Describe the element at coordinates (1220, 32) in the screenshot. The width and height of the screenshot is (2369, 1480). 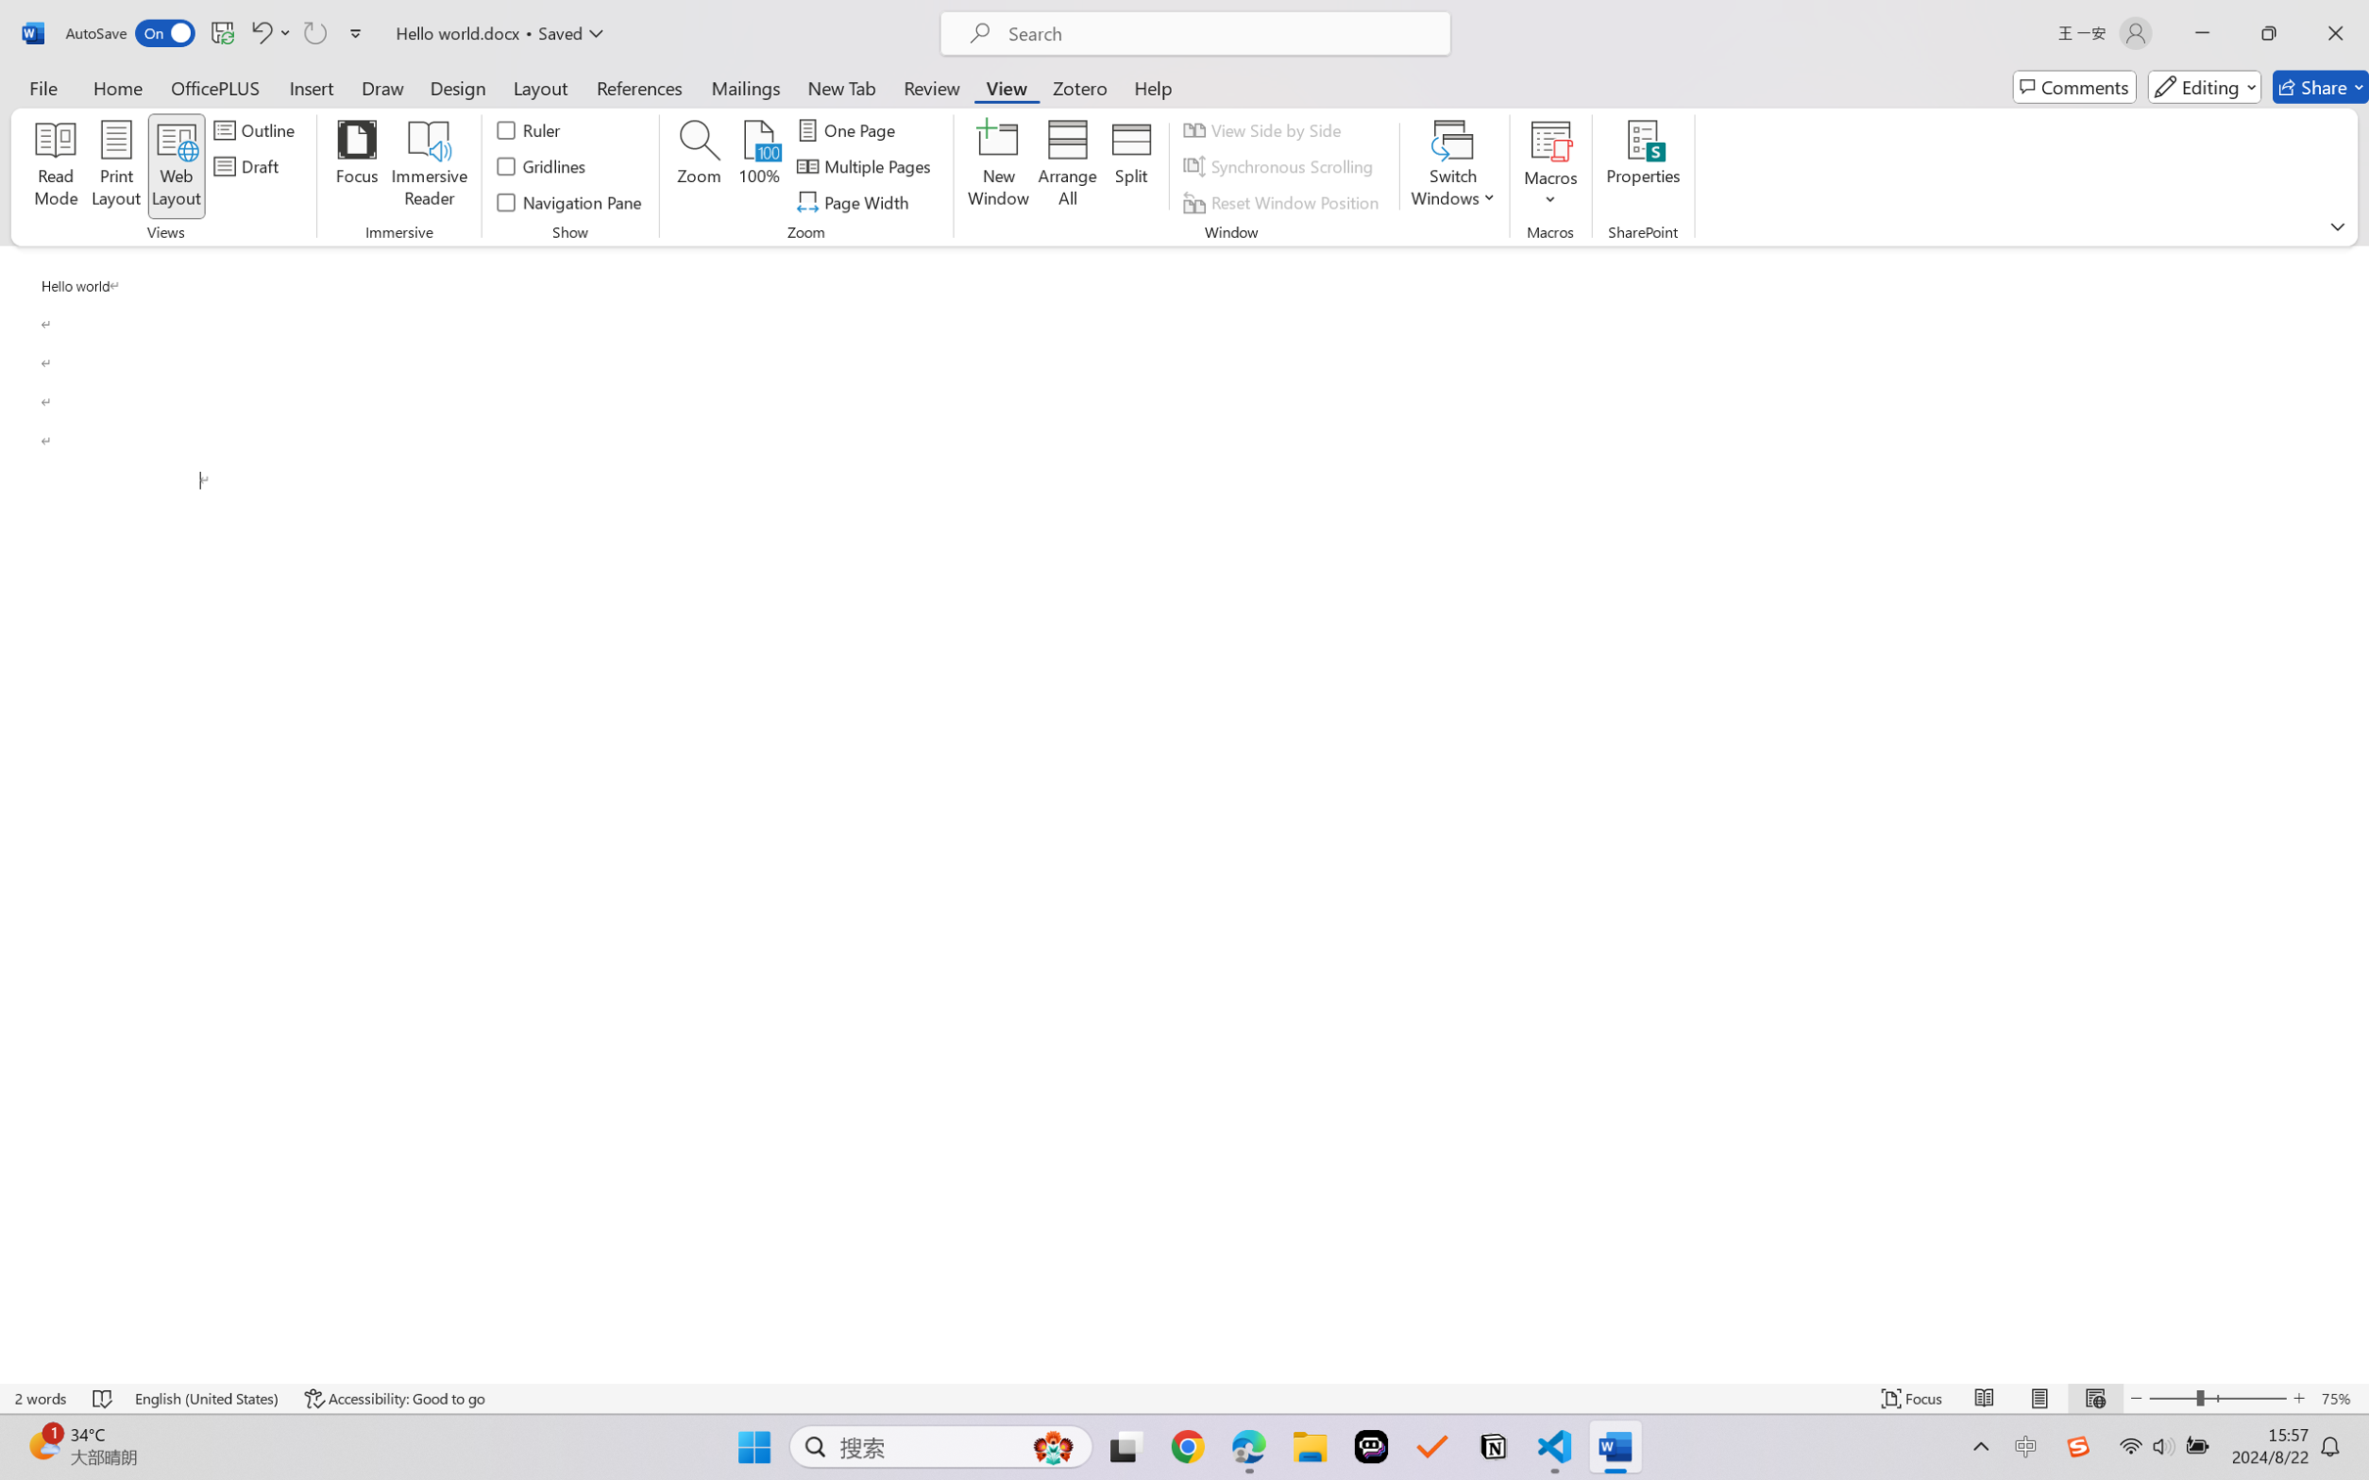
I see `'Microsoft search'` at that location.